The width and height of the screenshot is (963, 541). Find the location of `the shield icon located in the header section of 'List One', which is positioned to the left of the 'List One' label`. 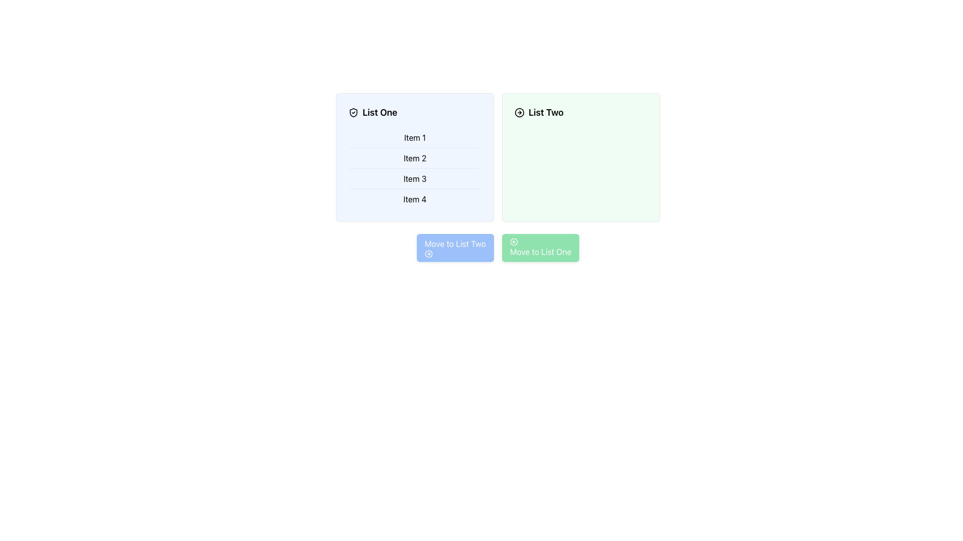

the shield icon located in the header section of 'List One', which is positioned to the left of the 'List One' label is located at coordinates (354, 112).